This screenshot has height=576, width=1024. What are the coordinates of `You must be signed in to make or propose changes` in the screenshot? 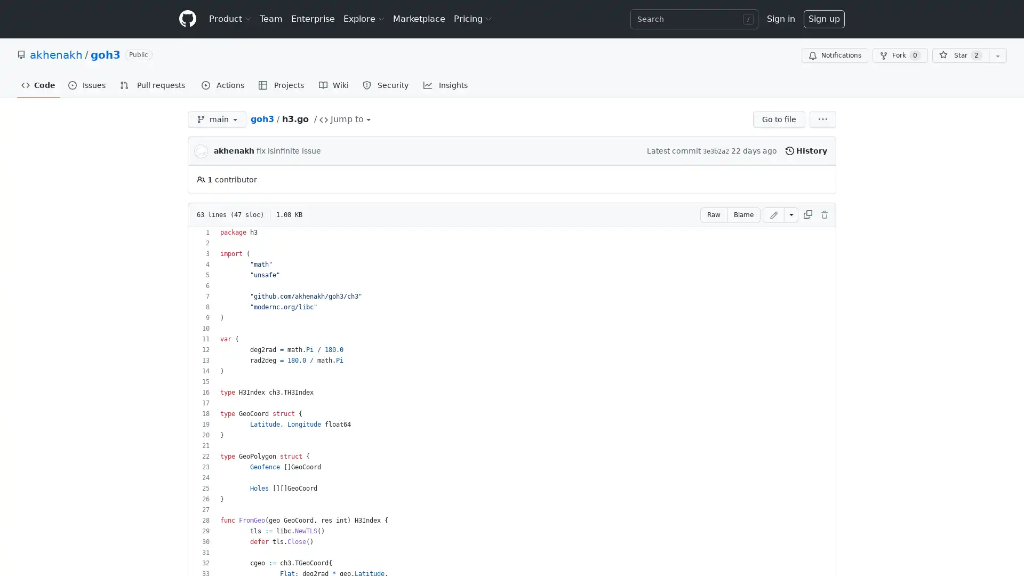 It's located at (773, 214).